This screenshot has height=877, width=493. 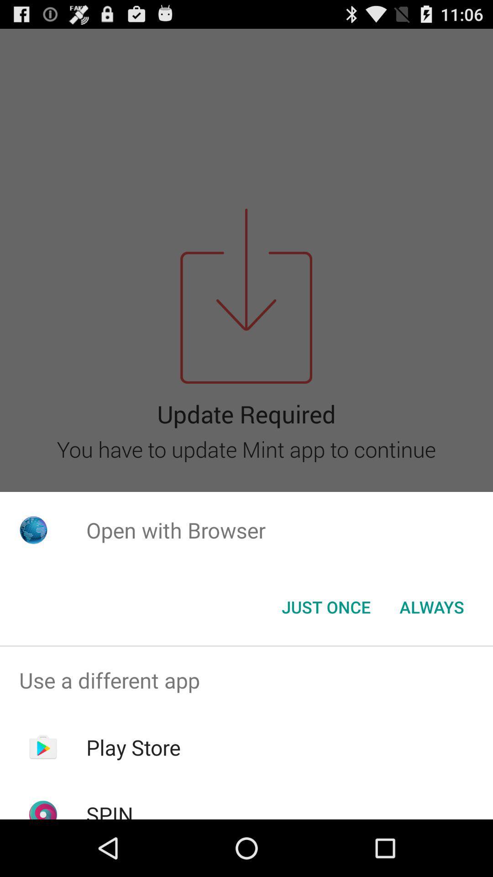 I want to click on icon below open with browser icon, so click(x=325, y=607).